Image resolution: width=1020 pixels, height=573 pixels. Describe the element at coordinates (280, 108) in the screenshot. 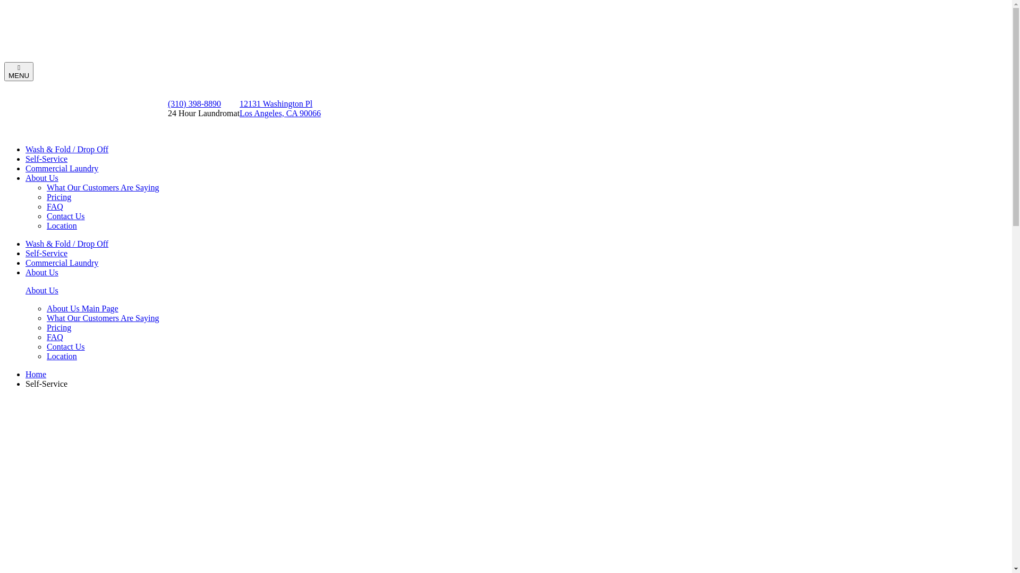

I see `'12131 Washington Pl` at that location.